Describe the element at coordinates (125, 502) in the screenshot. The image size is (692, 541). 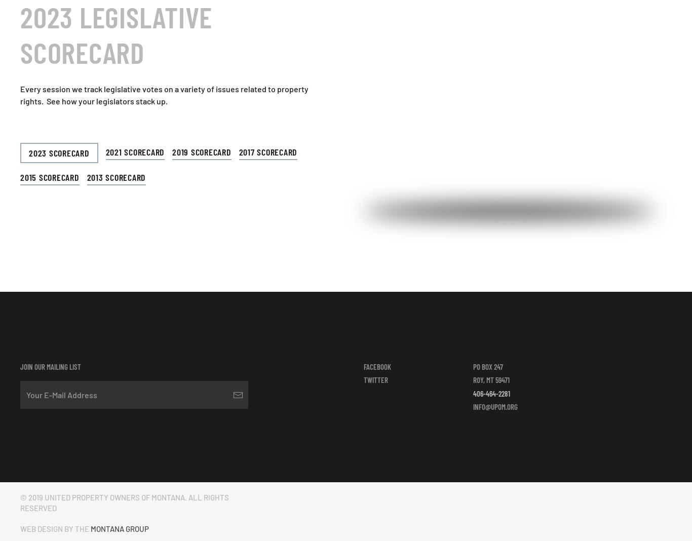
I see `'© 2019 United Property Owners of Montana. All Rights Reserved'` at that location.